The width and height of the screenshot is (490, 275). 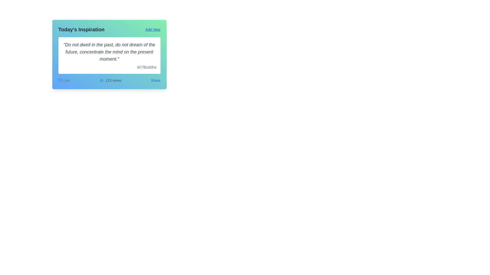 I want to click on the eye icon that symbolizes viewing metrics, located immediately to the left of the text '123 views' in the bottom section of the card component, so click(x=101, y=80).